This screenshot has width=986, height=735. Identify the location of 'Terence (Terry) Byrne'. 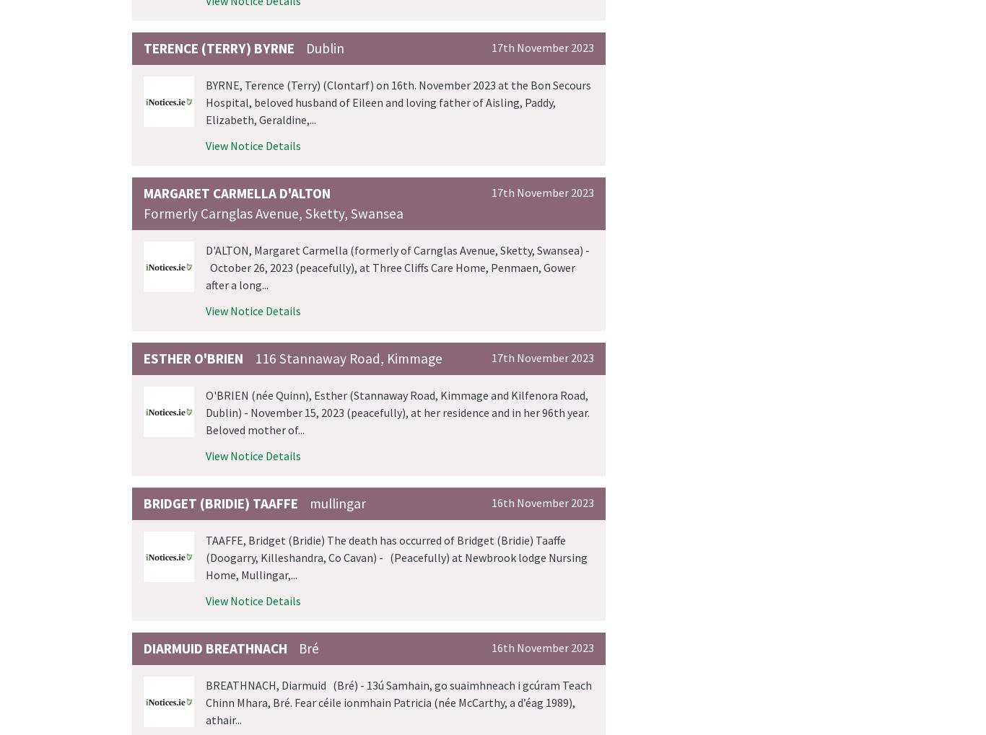
(143, 48).